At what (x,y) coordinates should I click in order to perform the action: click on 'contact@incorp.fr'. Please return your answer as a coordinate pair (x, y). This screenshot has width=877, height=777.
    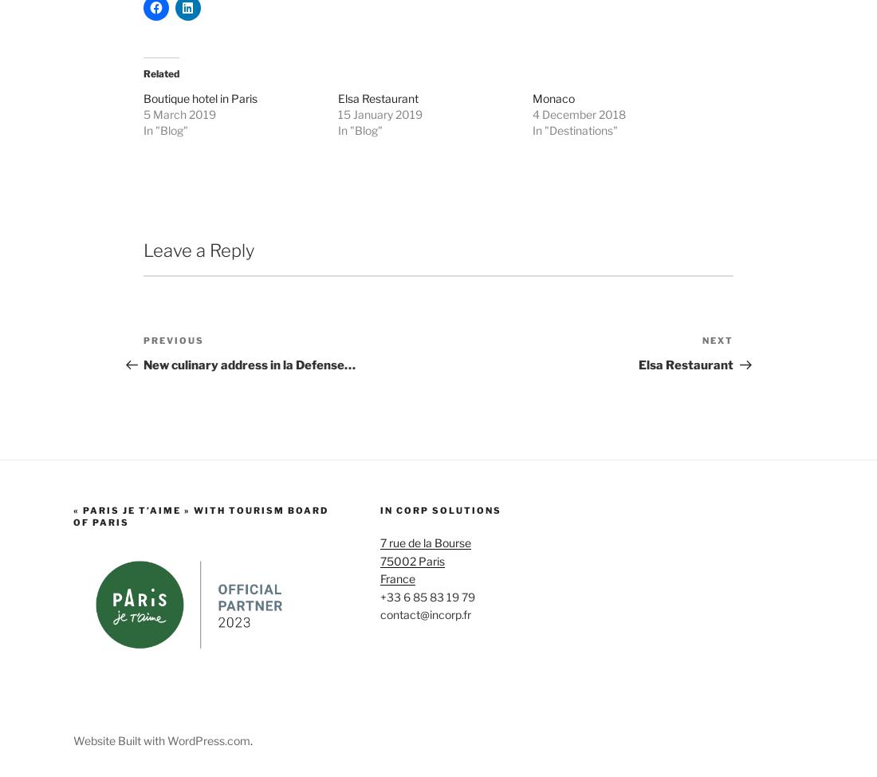
    Looking at the image, I should click on (378, 744).